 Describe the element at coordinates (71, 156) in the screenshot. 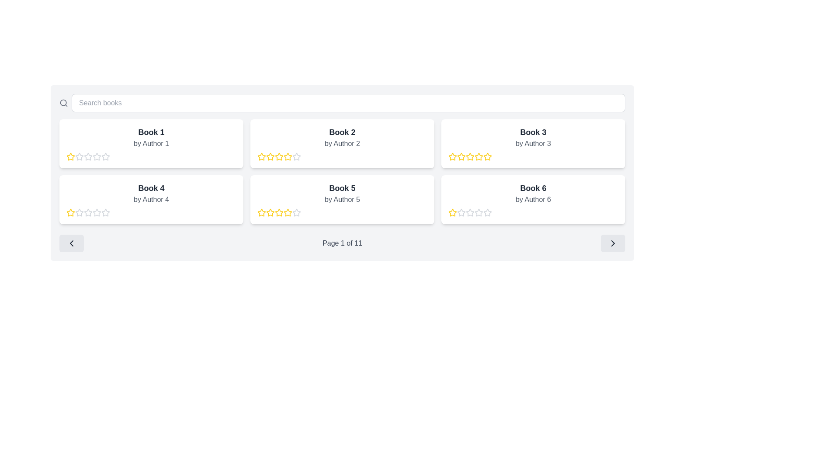

I see `the first yellow outline star icon within the rating control component located below the 'Book 1' card` at that location.